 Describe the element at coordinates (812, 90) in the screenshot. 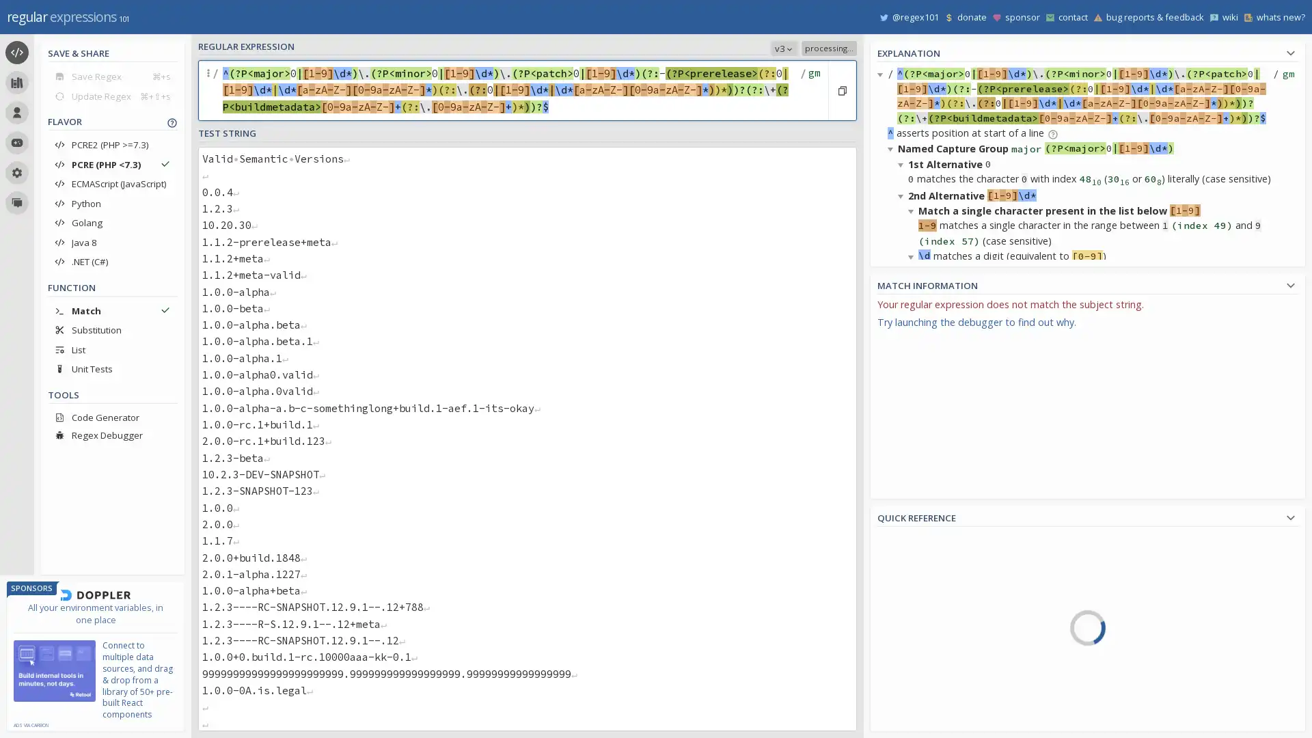

I see `Set Regex Options` at that location.